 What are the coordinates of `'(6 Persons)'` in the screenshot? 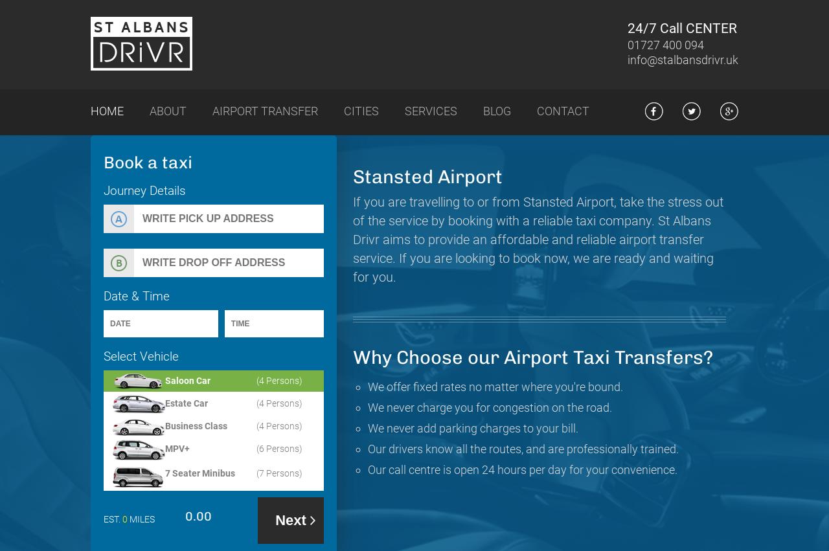 It's located at (256, 448).